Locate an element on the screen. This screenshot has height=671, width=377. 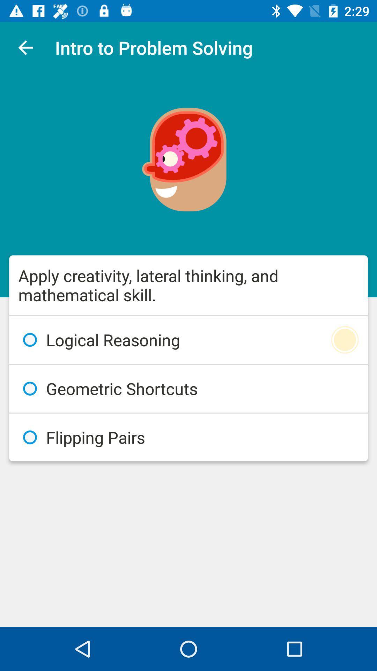
icon below the logical reasoning icon is located at coordinates (188, 388).